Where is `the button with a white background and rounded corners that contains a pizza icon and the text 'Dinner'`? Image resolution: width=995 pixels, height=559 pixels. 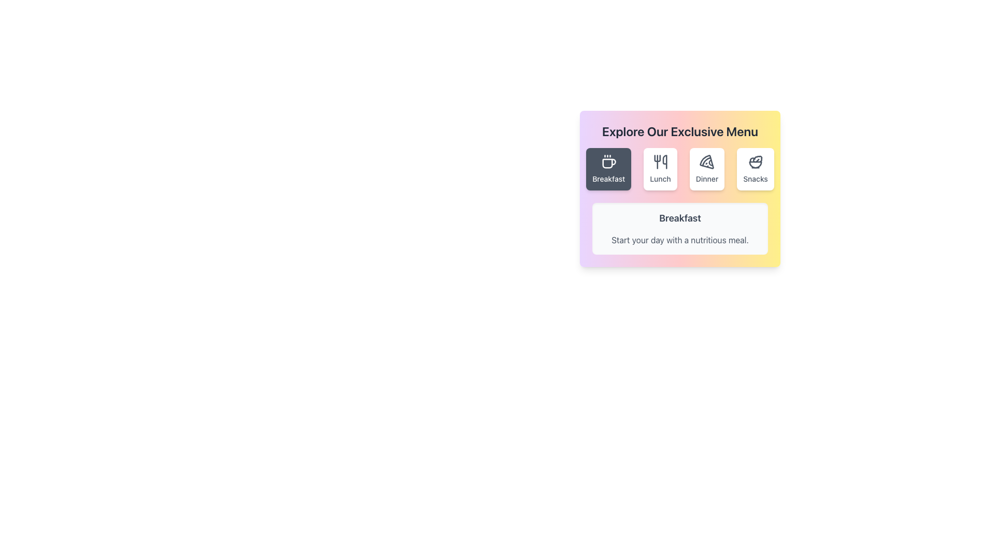 the button with a white background and rounded corners that contains a pizza icon and the text 'Dinner' is located at coordinates (706, 169).